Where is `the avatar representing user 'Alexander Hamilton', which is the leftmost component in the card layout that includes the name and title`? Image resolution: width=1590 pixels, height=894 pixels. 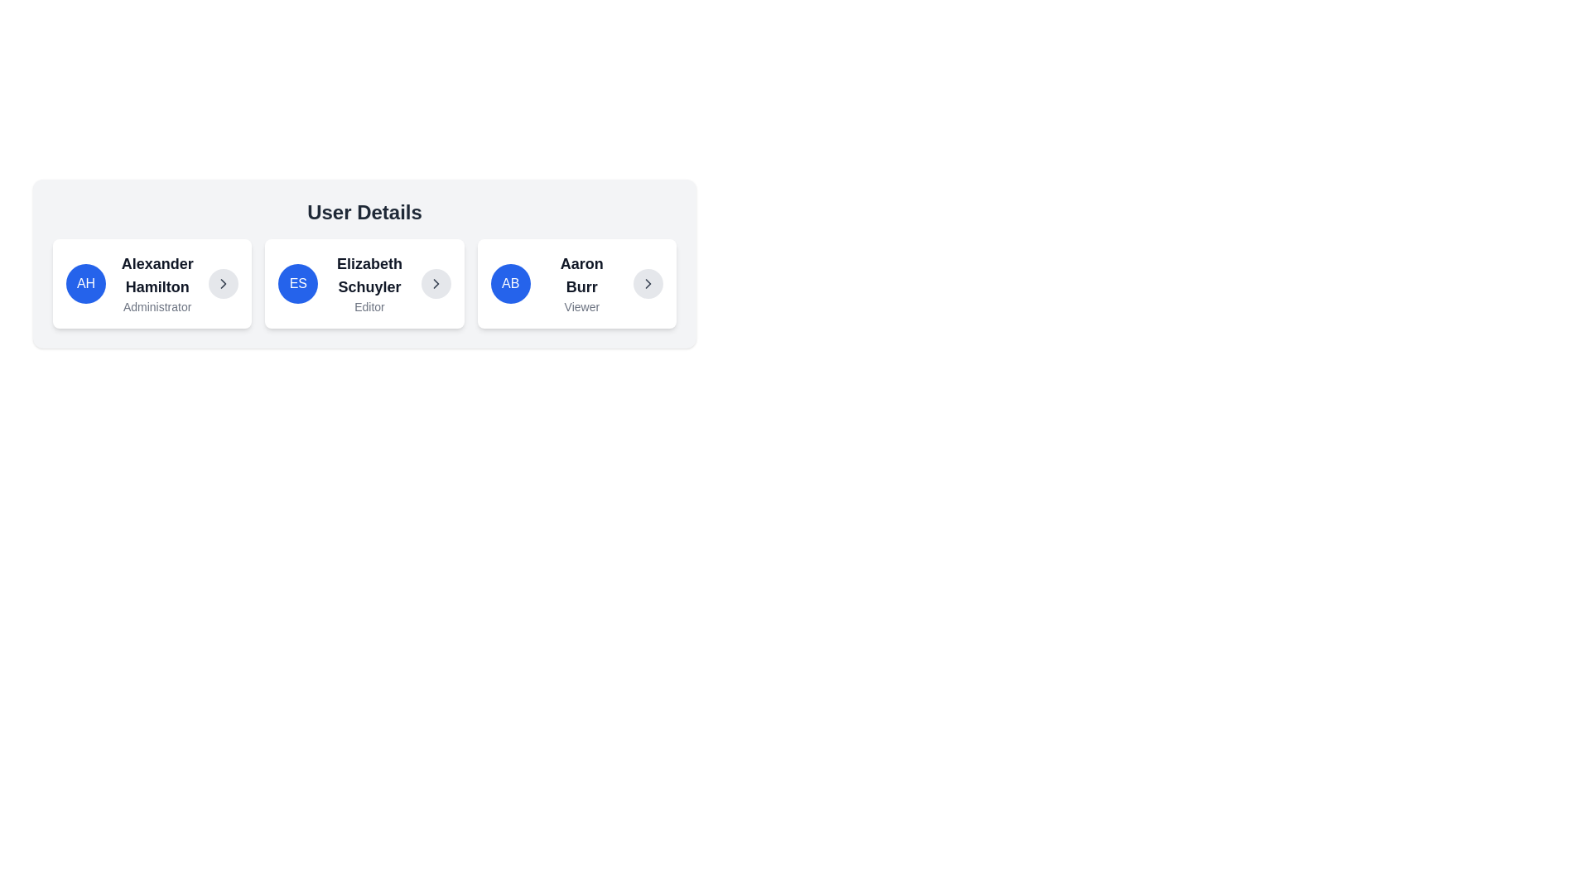
the avatar representing user 'Alexander Hamilton', which is the leftmost component in the card layout that includes the name and title is located at coordinates (85, 283).